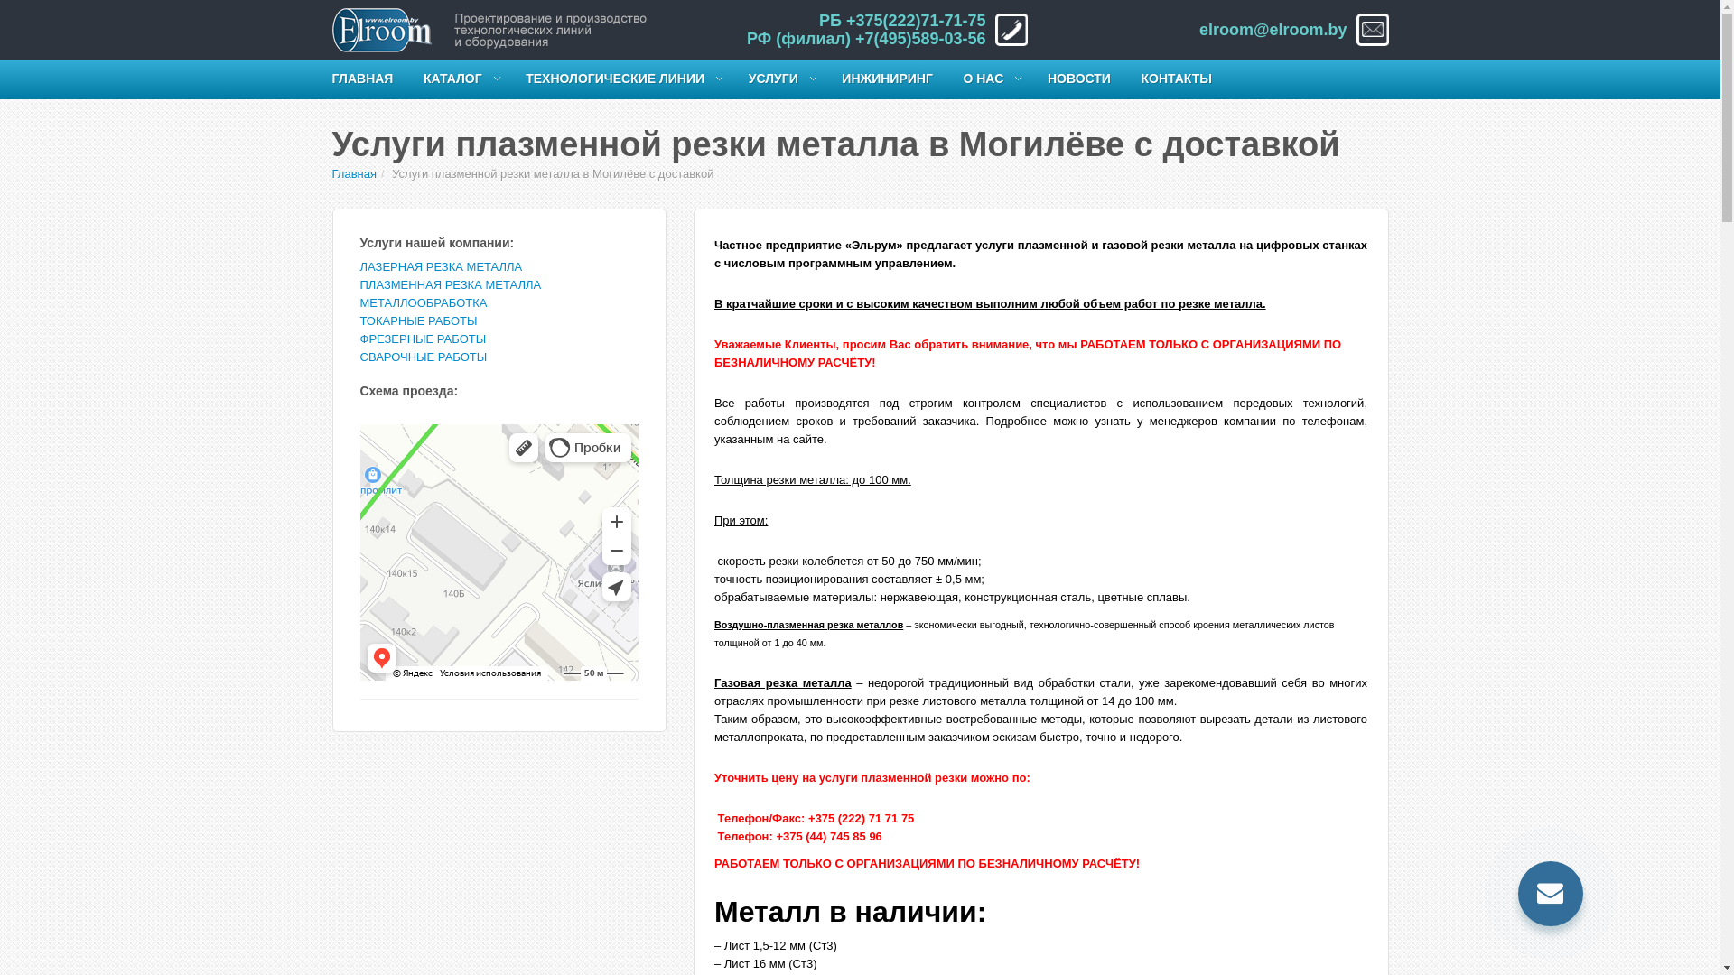 The height and width of the screenshot is (975, 1734). Describe the element at coordinates (1273, 30) in the screenshot. I see `'elroom@elroom.by'` at that location.